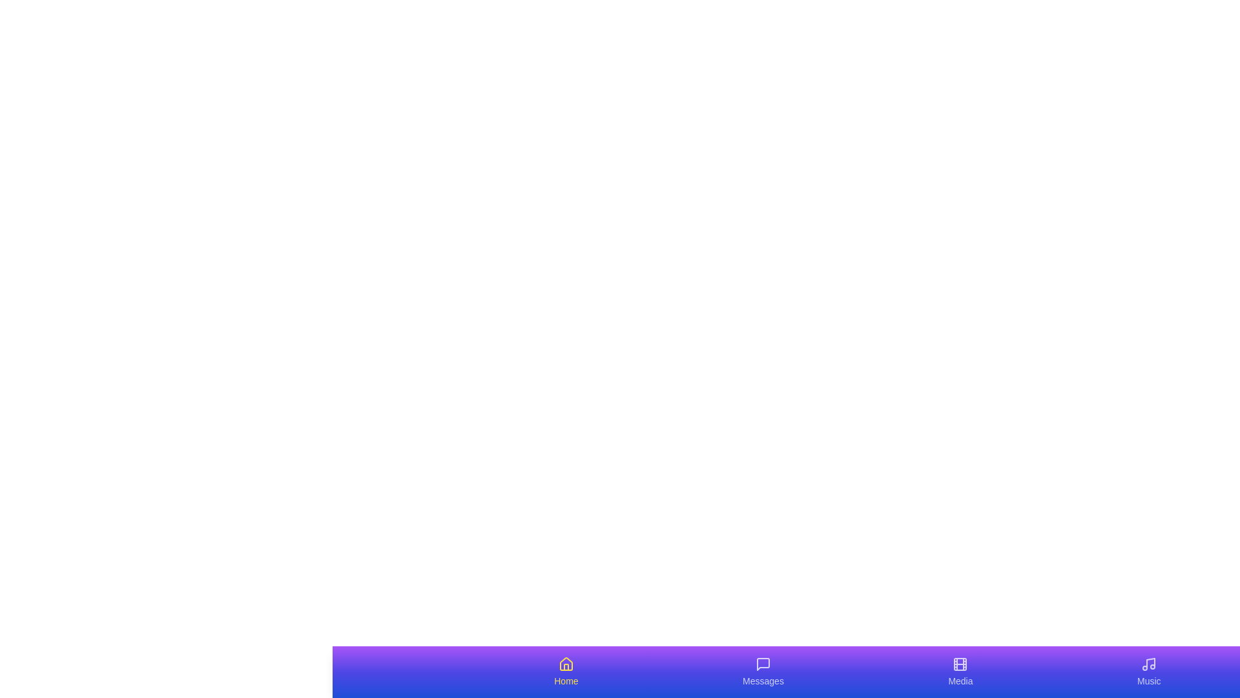 The height and width of the screenshot is (698, 1240). Describe the element at coordinates (1149, 672) in the screenshot. I see `the Music tab from the bottom navigation bar` at that location.